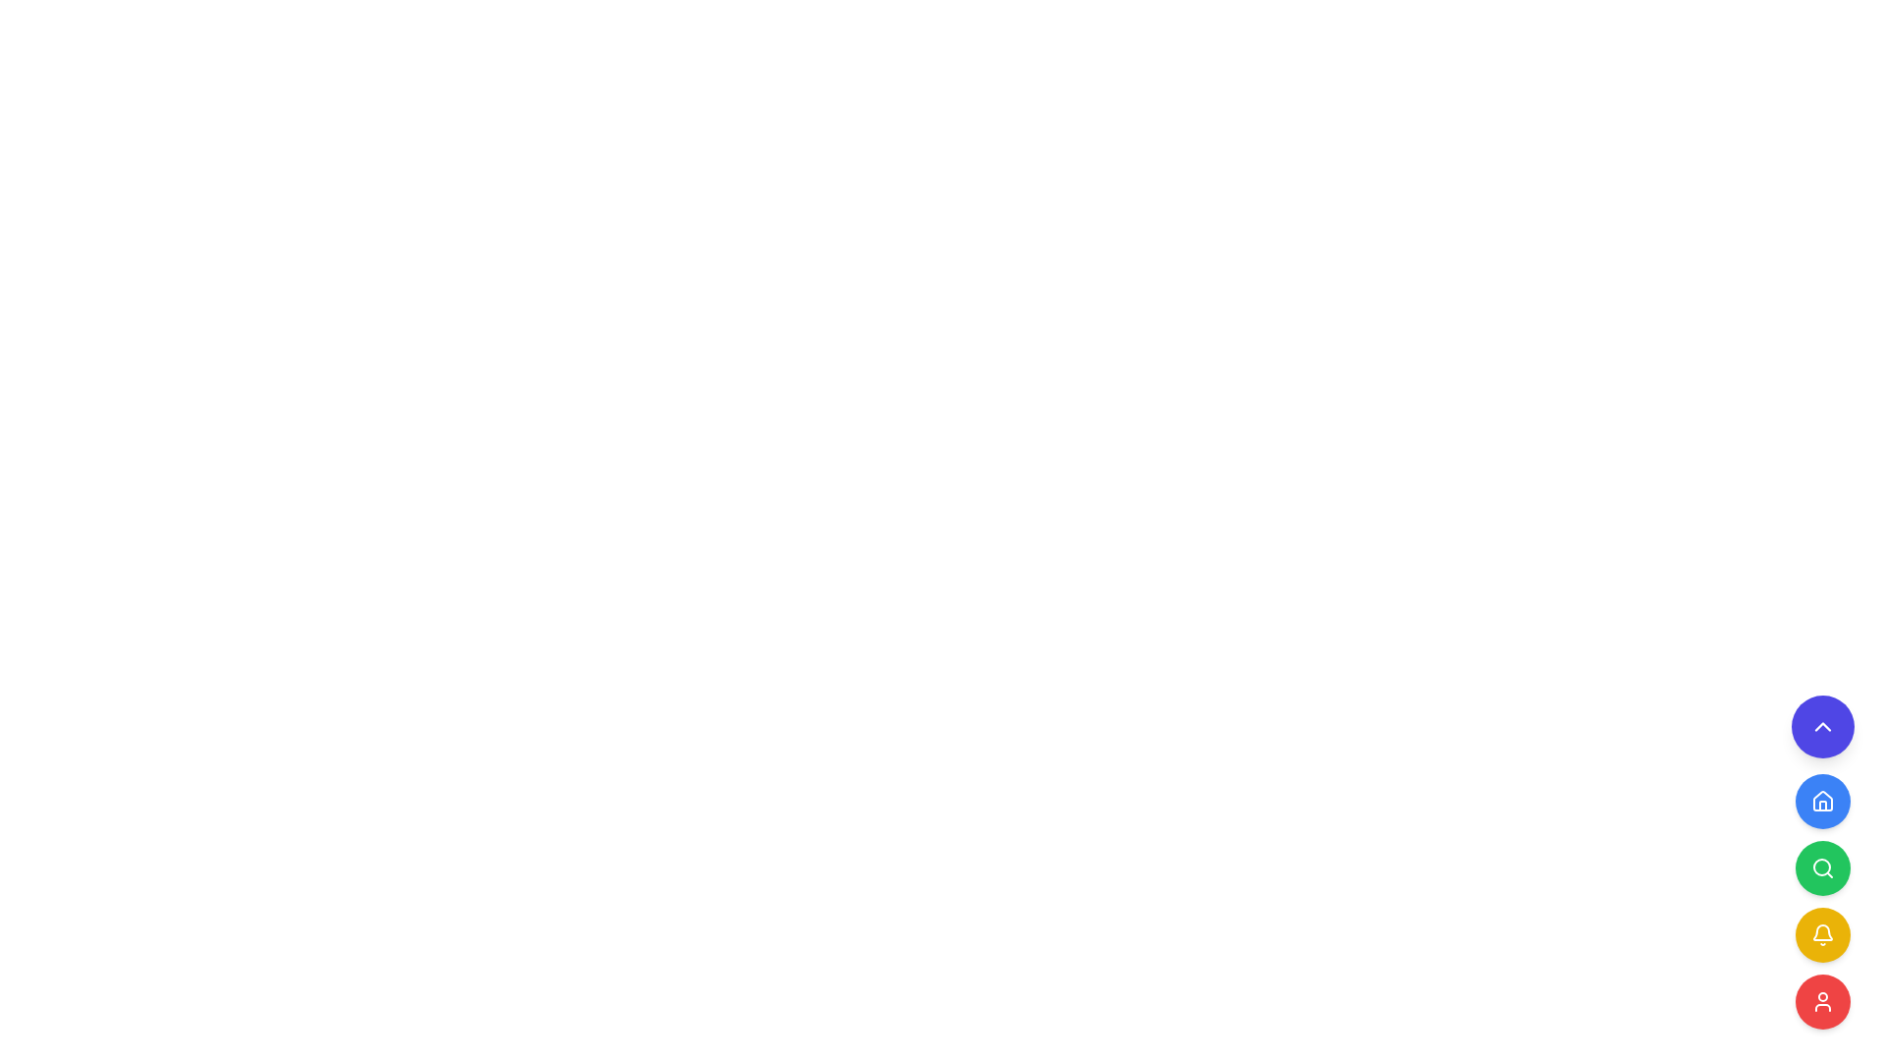  Describe the element at coordinates (1822, 727) in the screenshot. I see `the upward-pointing chevron icon embedded within the topmost purple circular button to receive potential feedback` at that location.